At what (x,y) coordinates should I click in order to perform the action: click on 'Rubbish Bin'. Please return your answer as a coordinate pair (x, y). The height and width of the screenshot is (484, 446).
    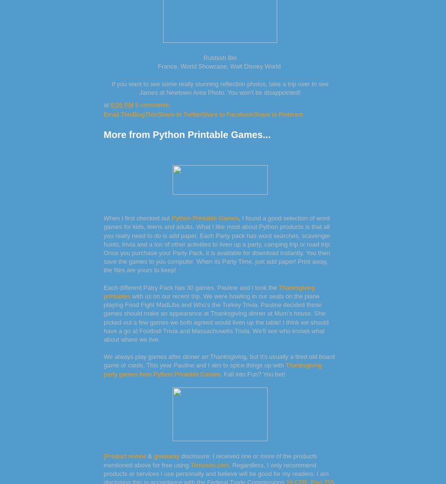
    Looking at the image, I should click on (219, 57).